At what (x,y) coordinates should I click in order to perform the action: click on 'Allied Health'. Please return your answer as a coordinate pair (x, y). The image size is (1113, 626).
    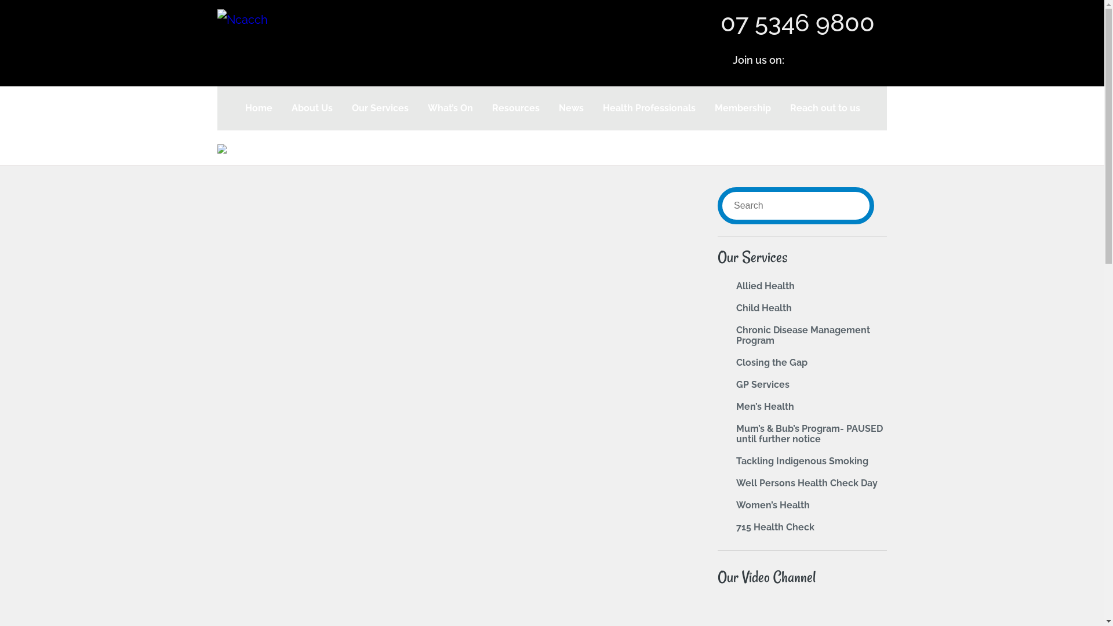
    Looking at the image, I should click on (765, 286).